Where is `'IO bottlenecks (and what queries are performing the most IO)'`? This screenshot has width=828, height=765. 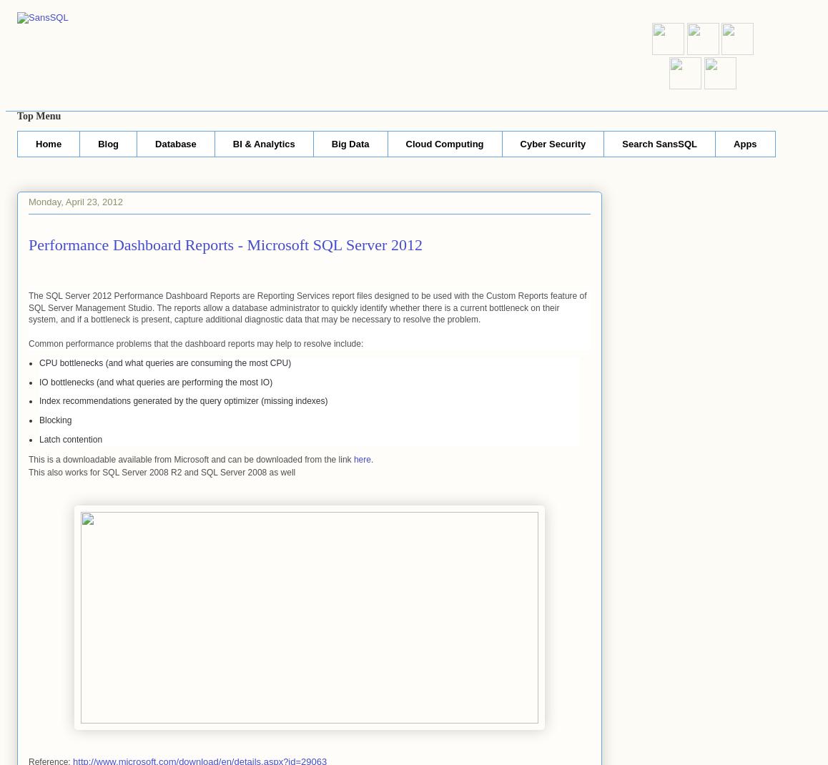 'IO bottlenecks (and what queries are performing the most IO)' is located at coordinates (39, 382).